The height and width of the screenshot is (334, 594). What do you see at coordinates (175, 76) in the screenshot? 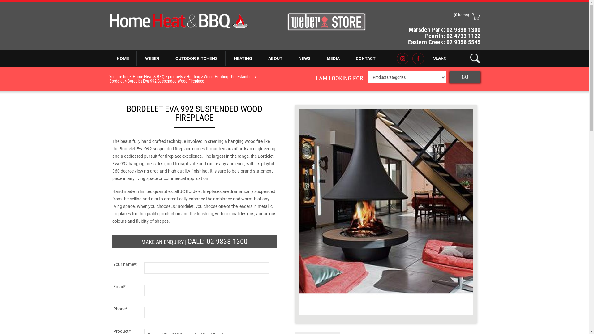
I see `'products'` at bounding box center [175, 76].